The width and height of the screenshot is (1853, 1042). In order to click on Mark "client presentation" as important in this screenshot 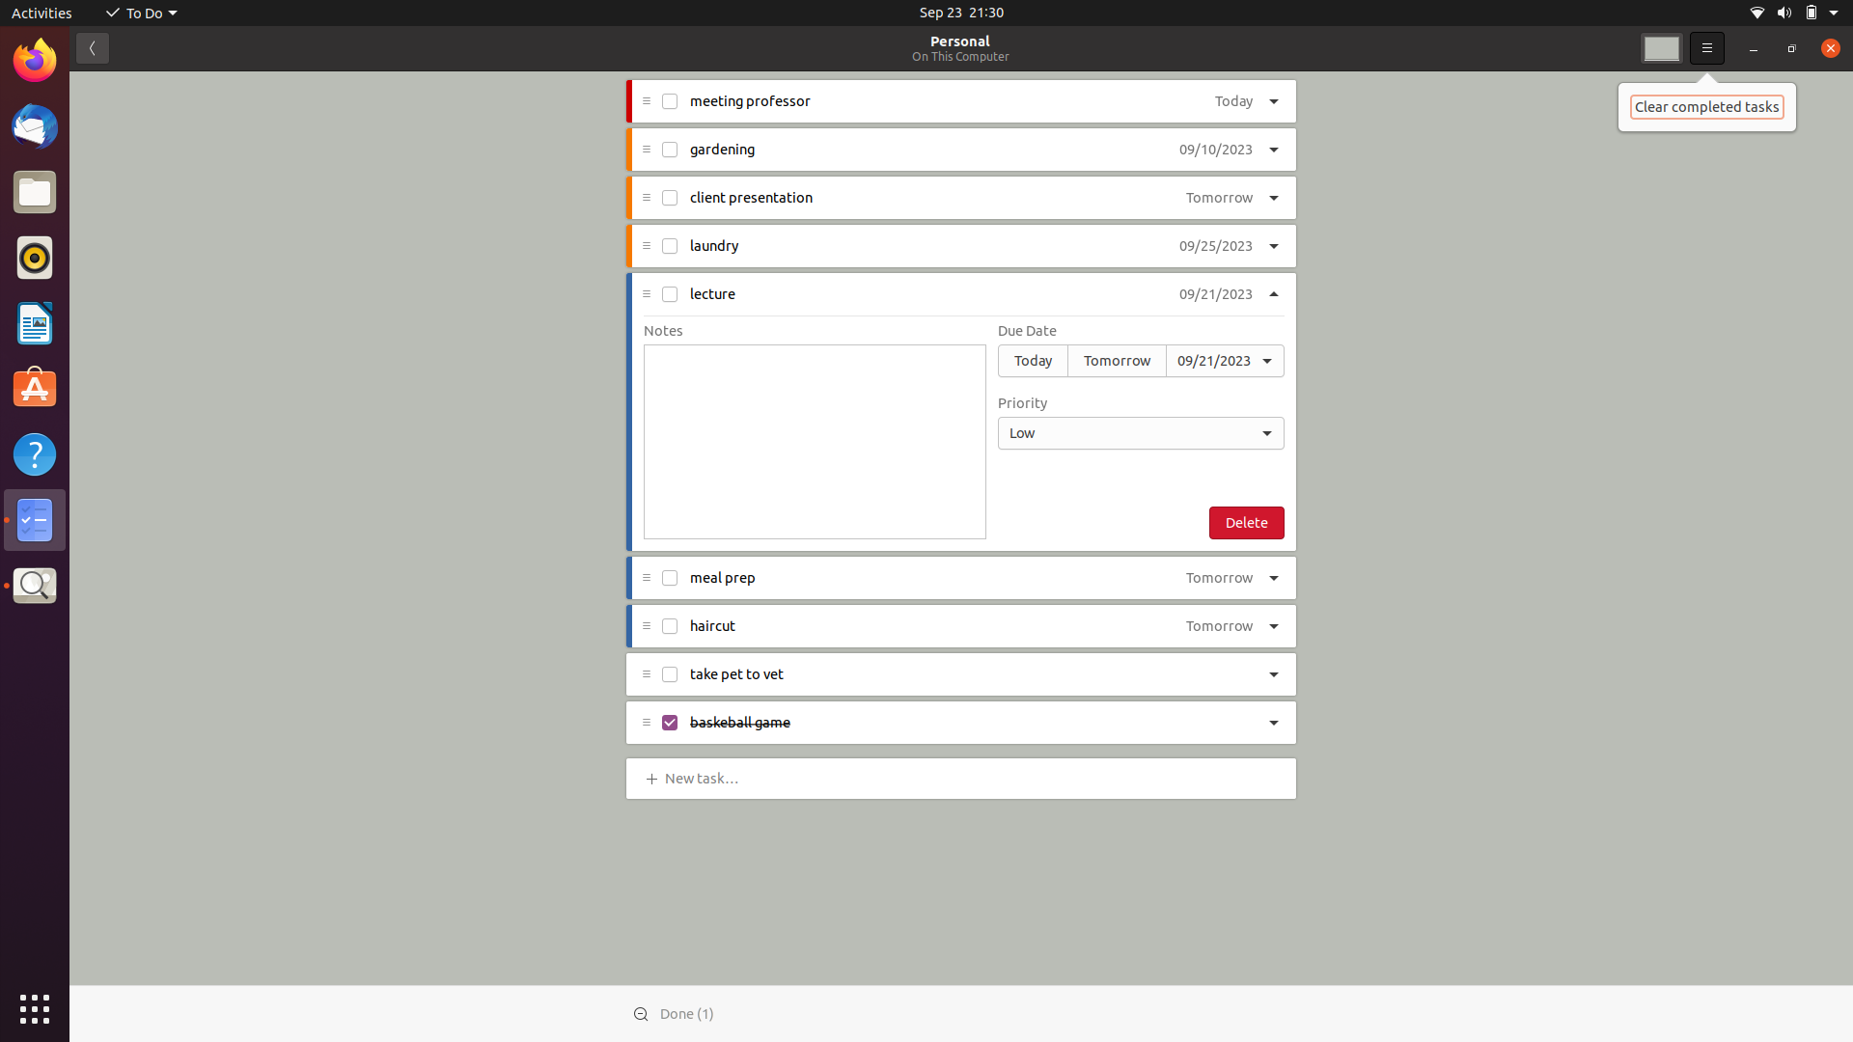, I will do `click(1275, 198)`.